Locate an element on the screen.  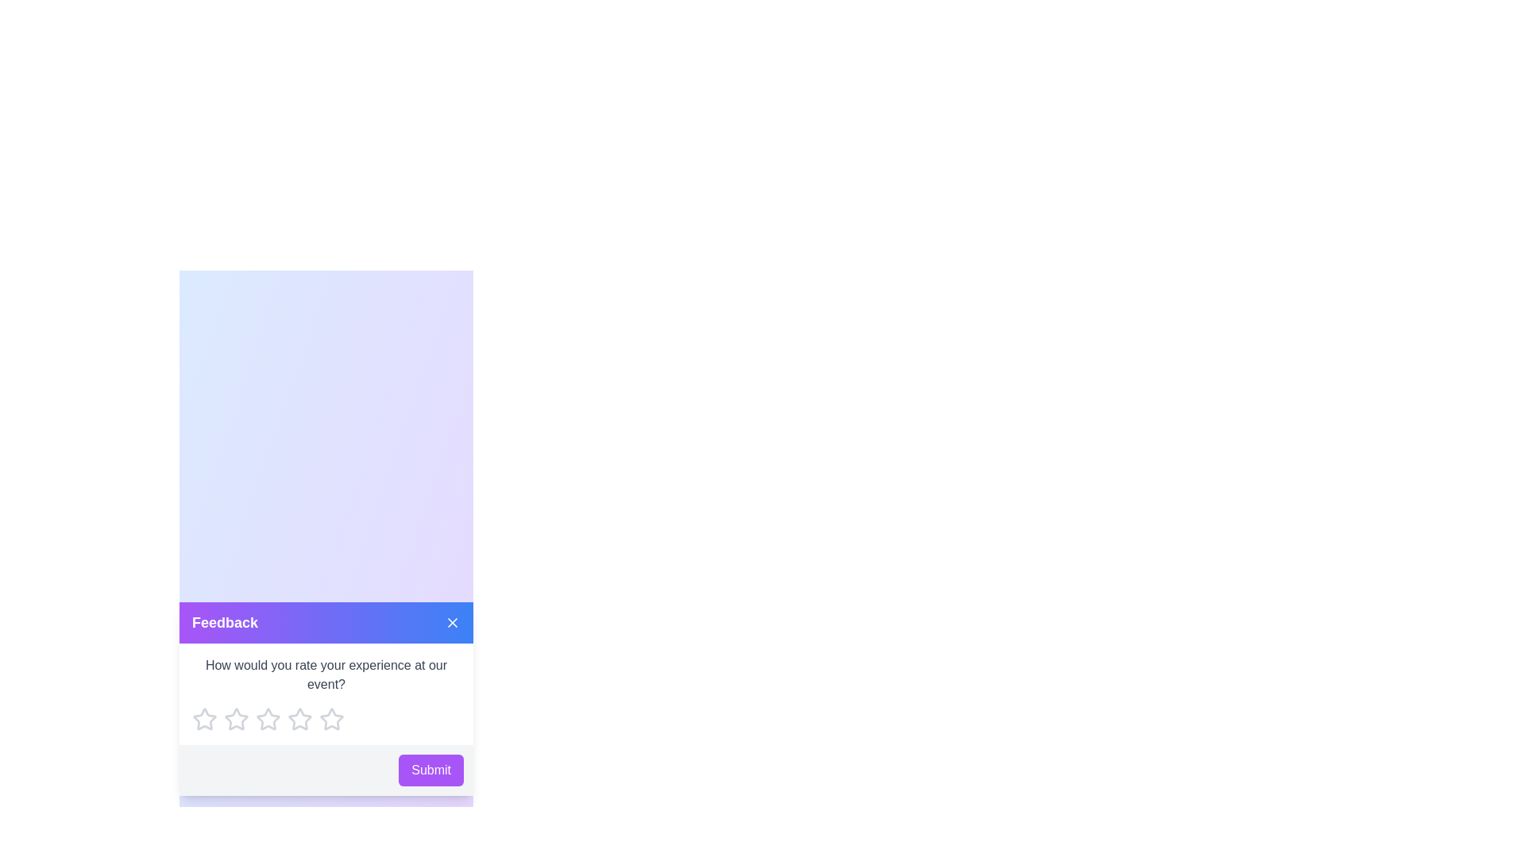
the second rating star in the feedback form is located at coordinates (268, 719).